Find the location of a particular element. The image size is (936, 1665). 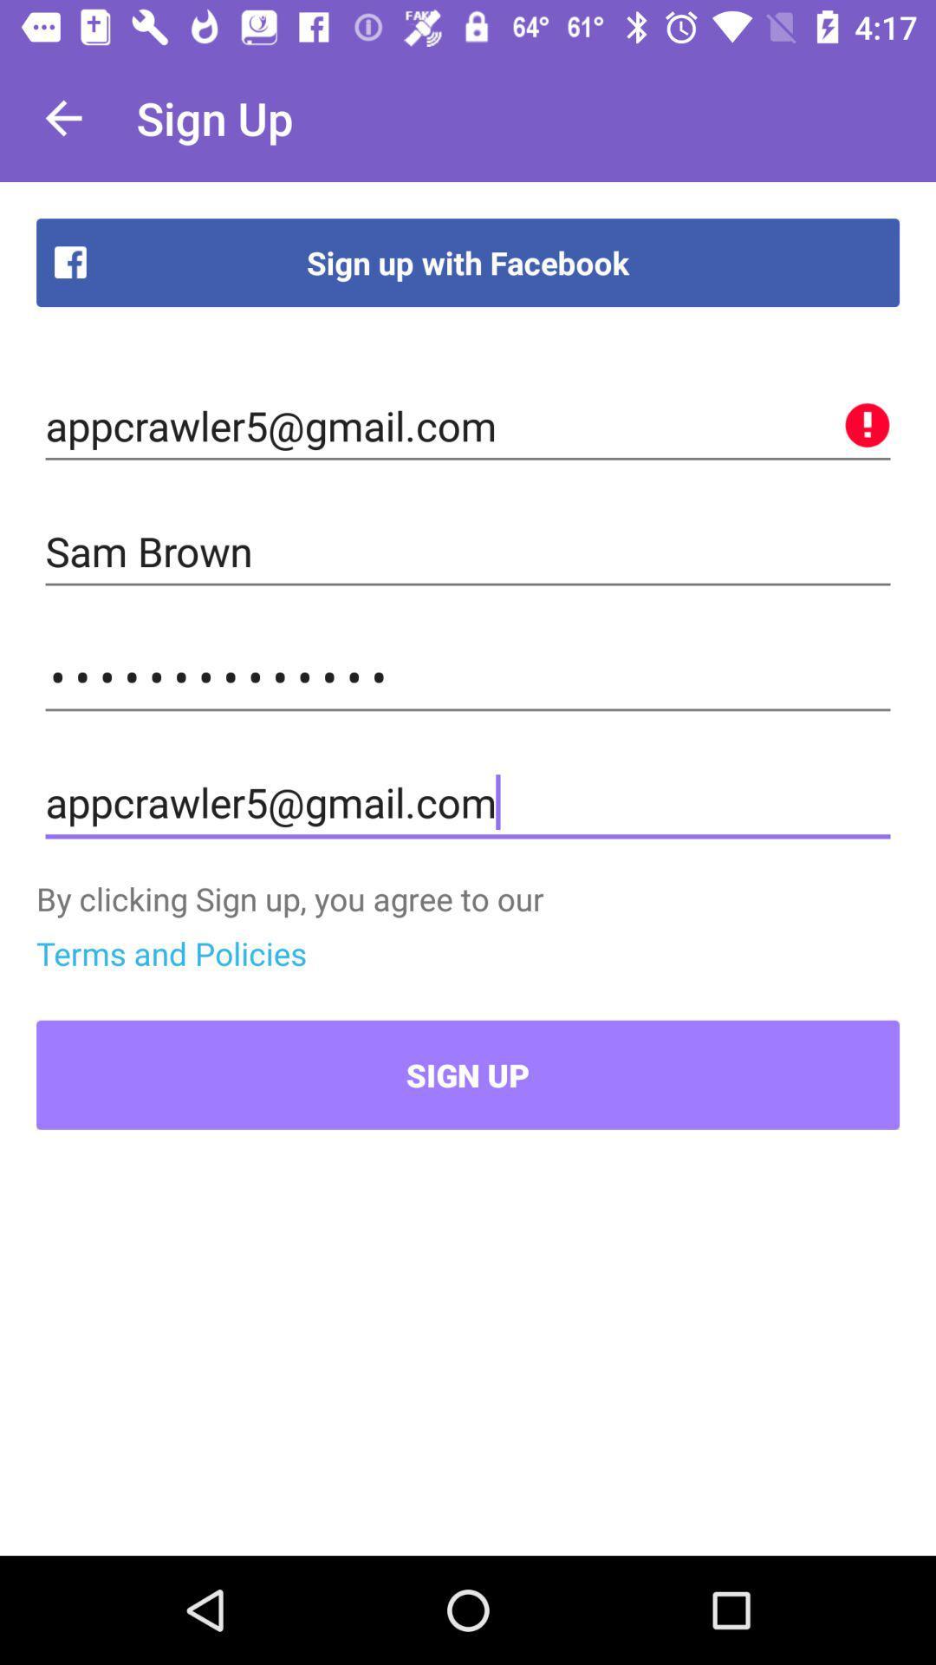

the appcrawler3116 is located at coordinates (468, 676).